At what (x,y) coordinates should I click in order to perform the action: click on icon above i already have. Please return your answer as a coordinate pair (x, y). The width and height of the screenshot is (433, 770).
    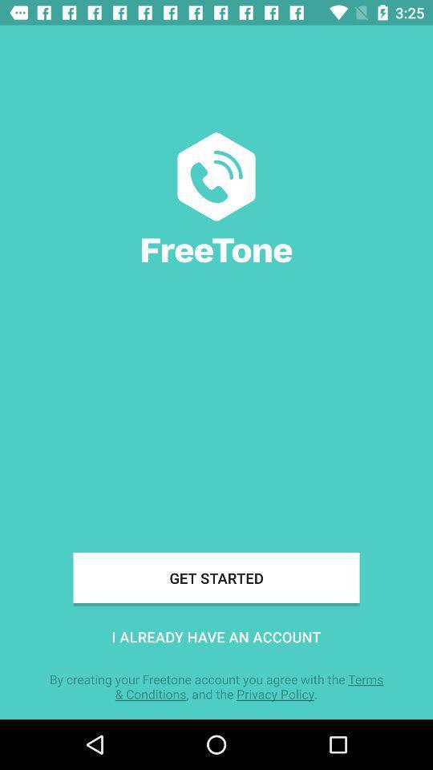
    Looking at the image, I should click on (216, 577).